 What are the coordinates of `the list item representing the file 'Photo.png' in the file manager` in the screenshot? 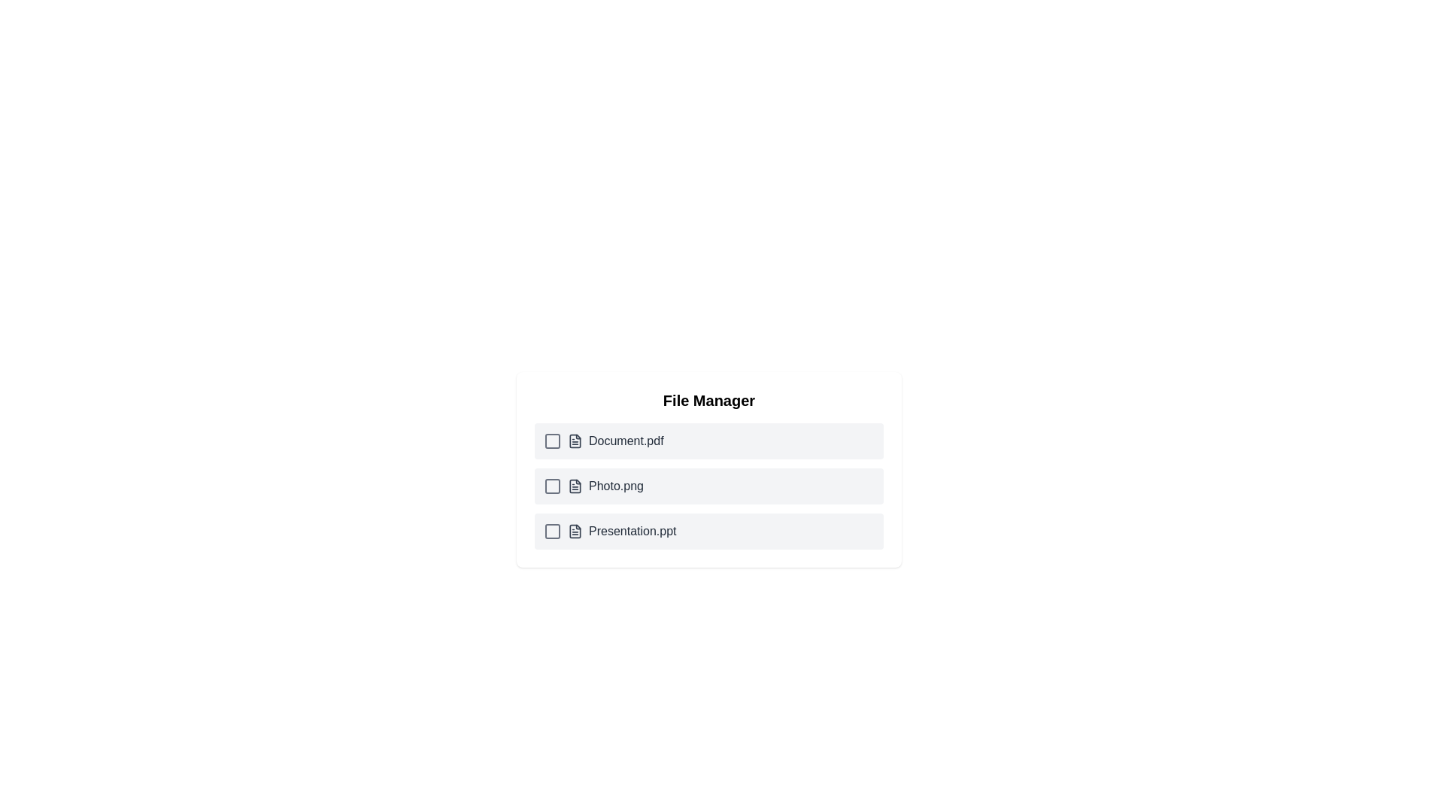 It's located at (708, 486).